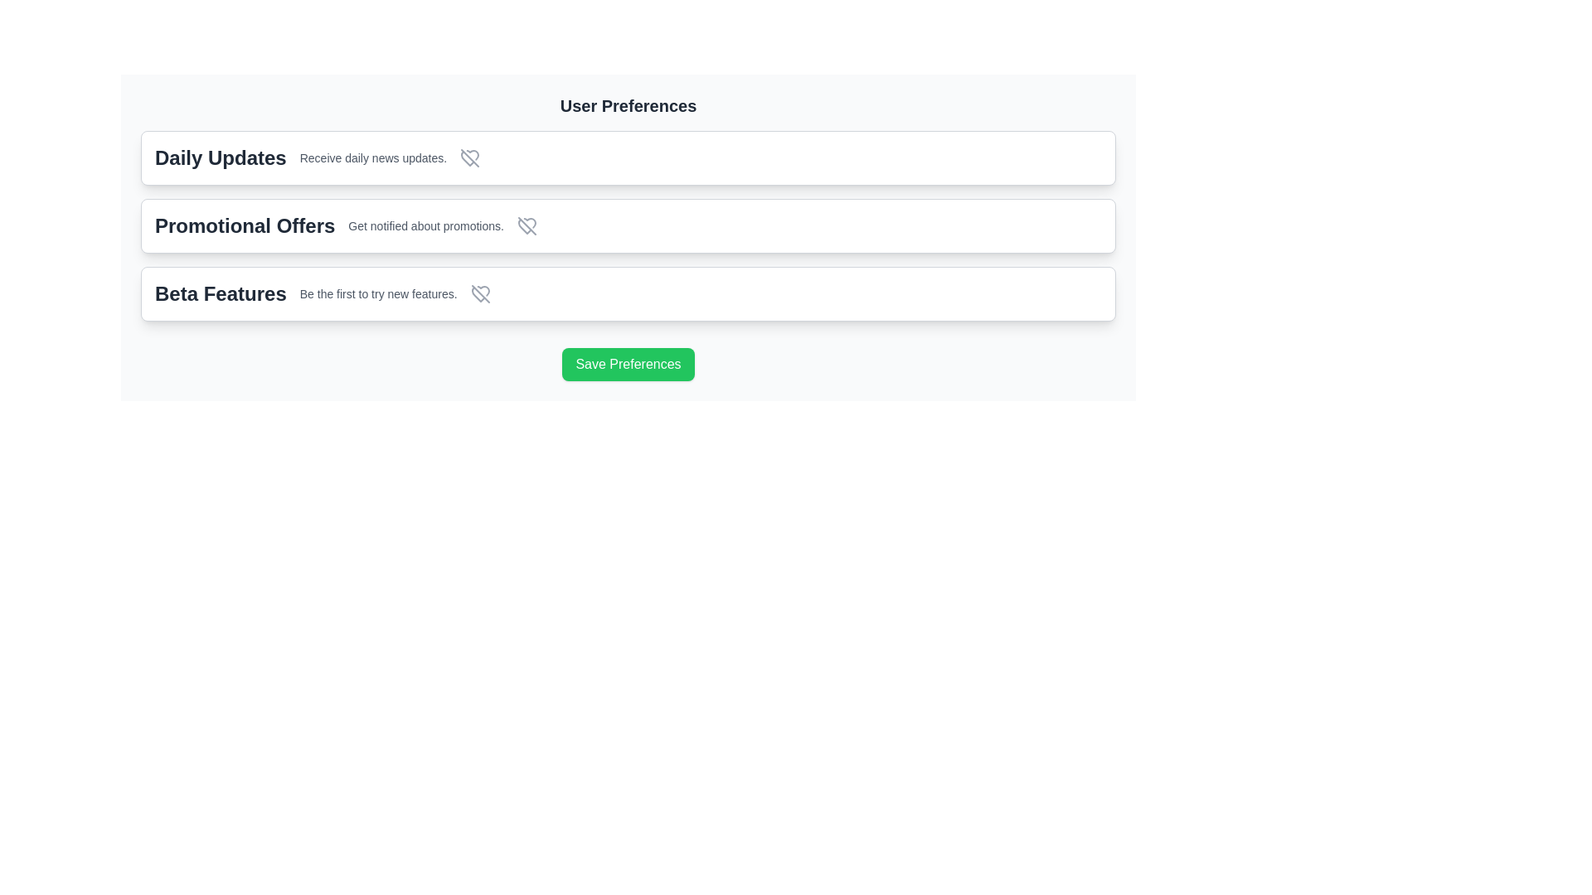 This screenshot has width=1592, height=895. I want to click on the thin diagonal line crossing the heart icon, indicating a 'heart-off' state, located next to 'Promotional Offers' in the user preference settings panel, so click(526, 226).